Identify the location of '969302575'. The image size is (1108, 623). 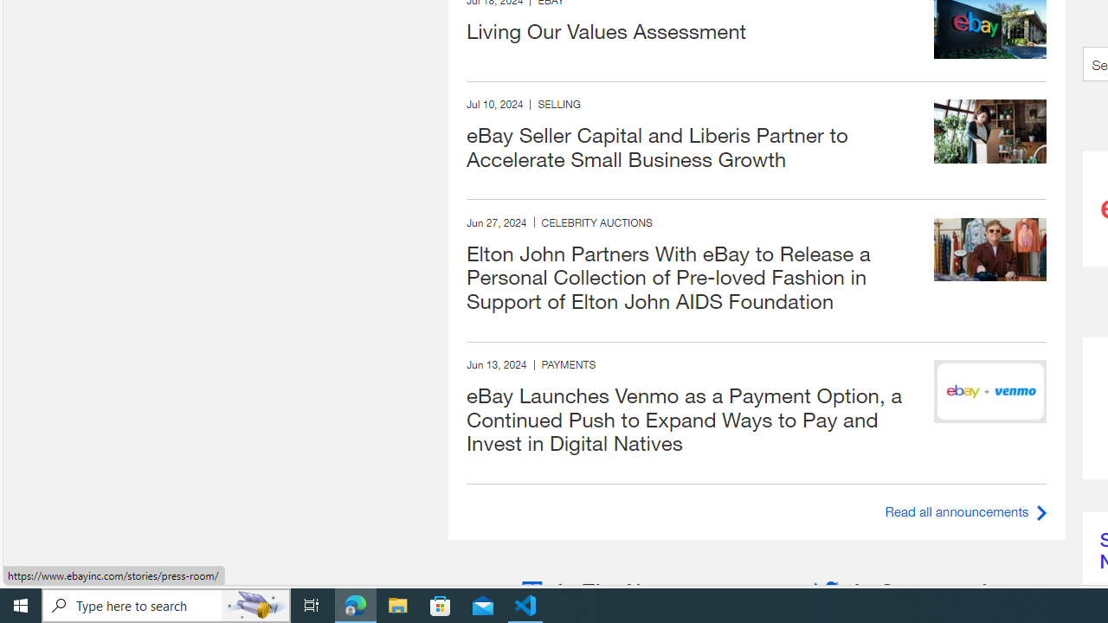
(990, 249).